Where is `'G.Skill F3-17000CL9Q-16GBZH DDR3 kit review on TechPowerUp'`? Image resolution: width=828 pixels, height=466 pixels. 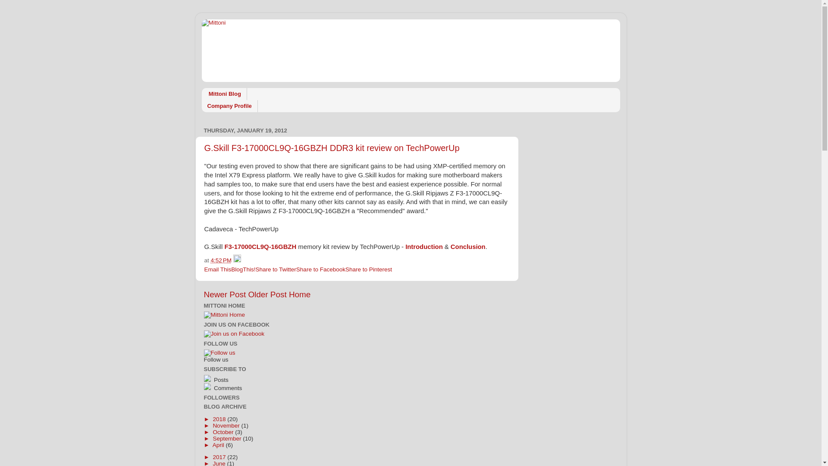
'G.Skill F3-17000CL9Q-16GBZH DDR3 kit review on TechPowerUp' is located at coordinates (331, 148).